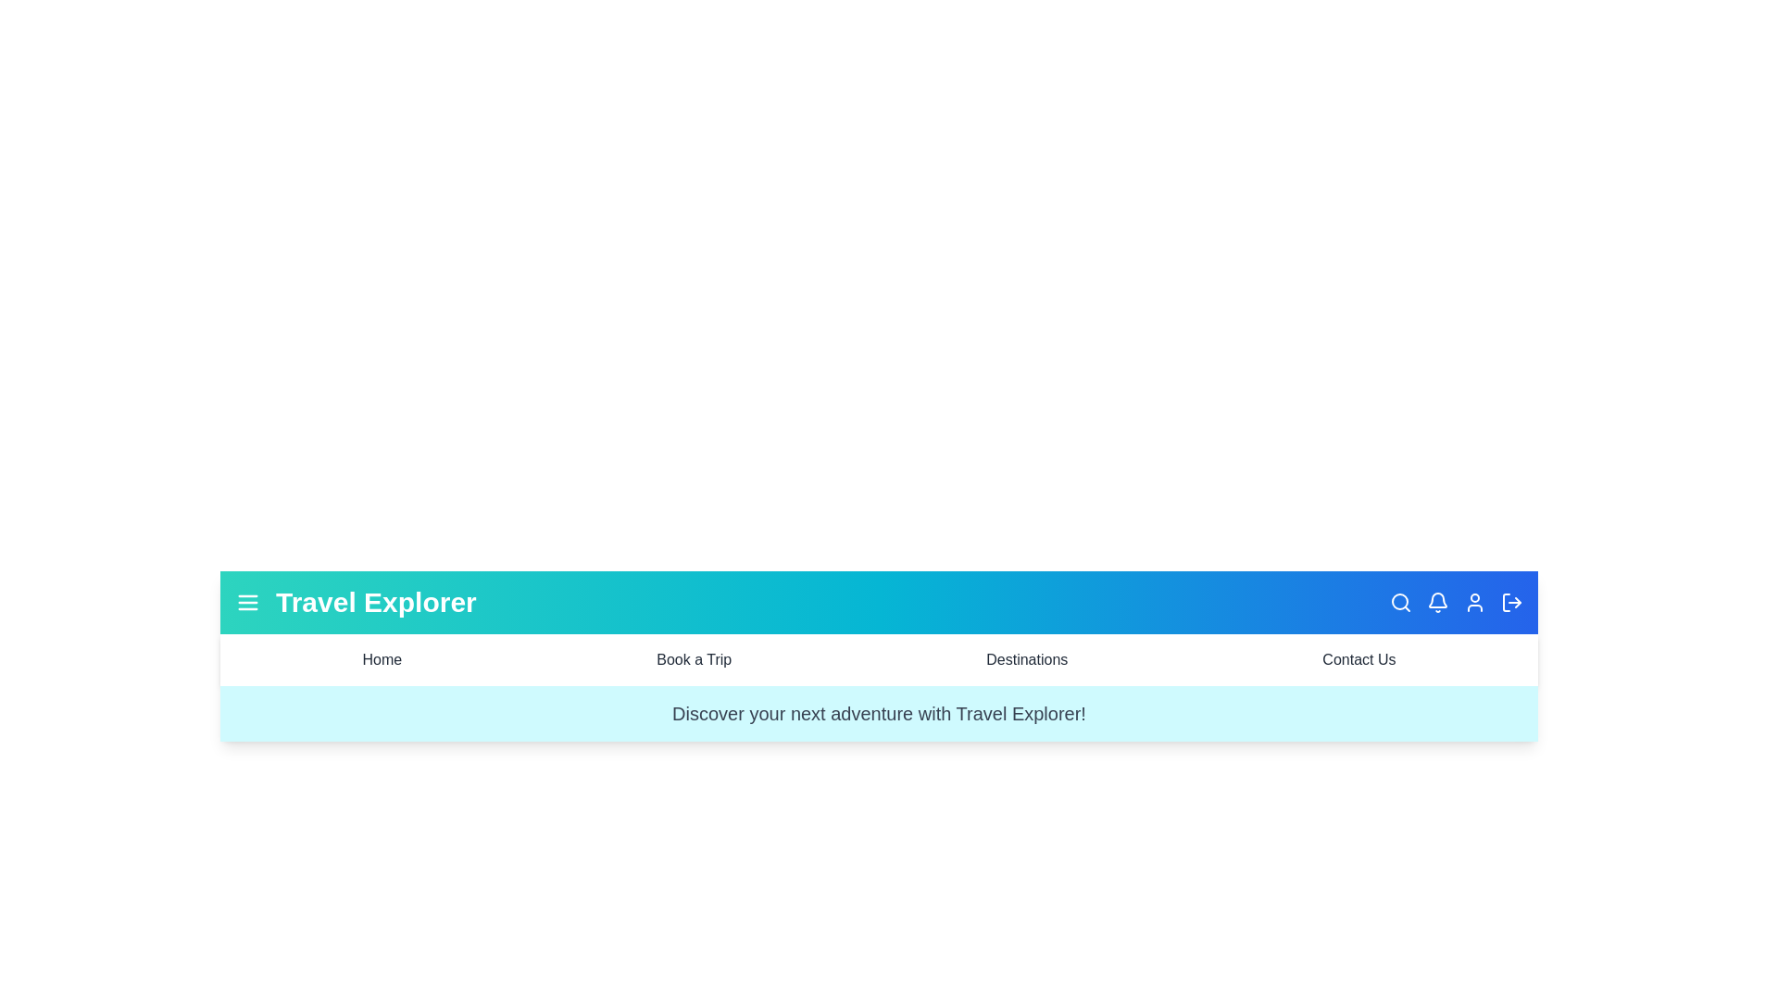 This screenshot has width=1778, height=1000. I want to click on the navigation link labeled Home, so click(381, 659).